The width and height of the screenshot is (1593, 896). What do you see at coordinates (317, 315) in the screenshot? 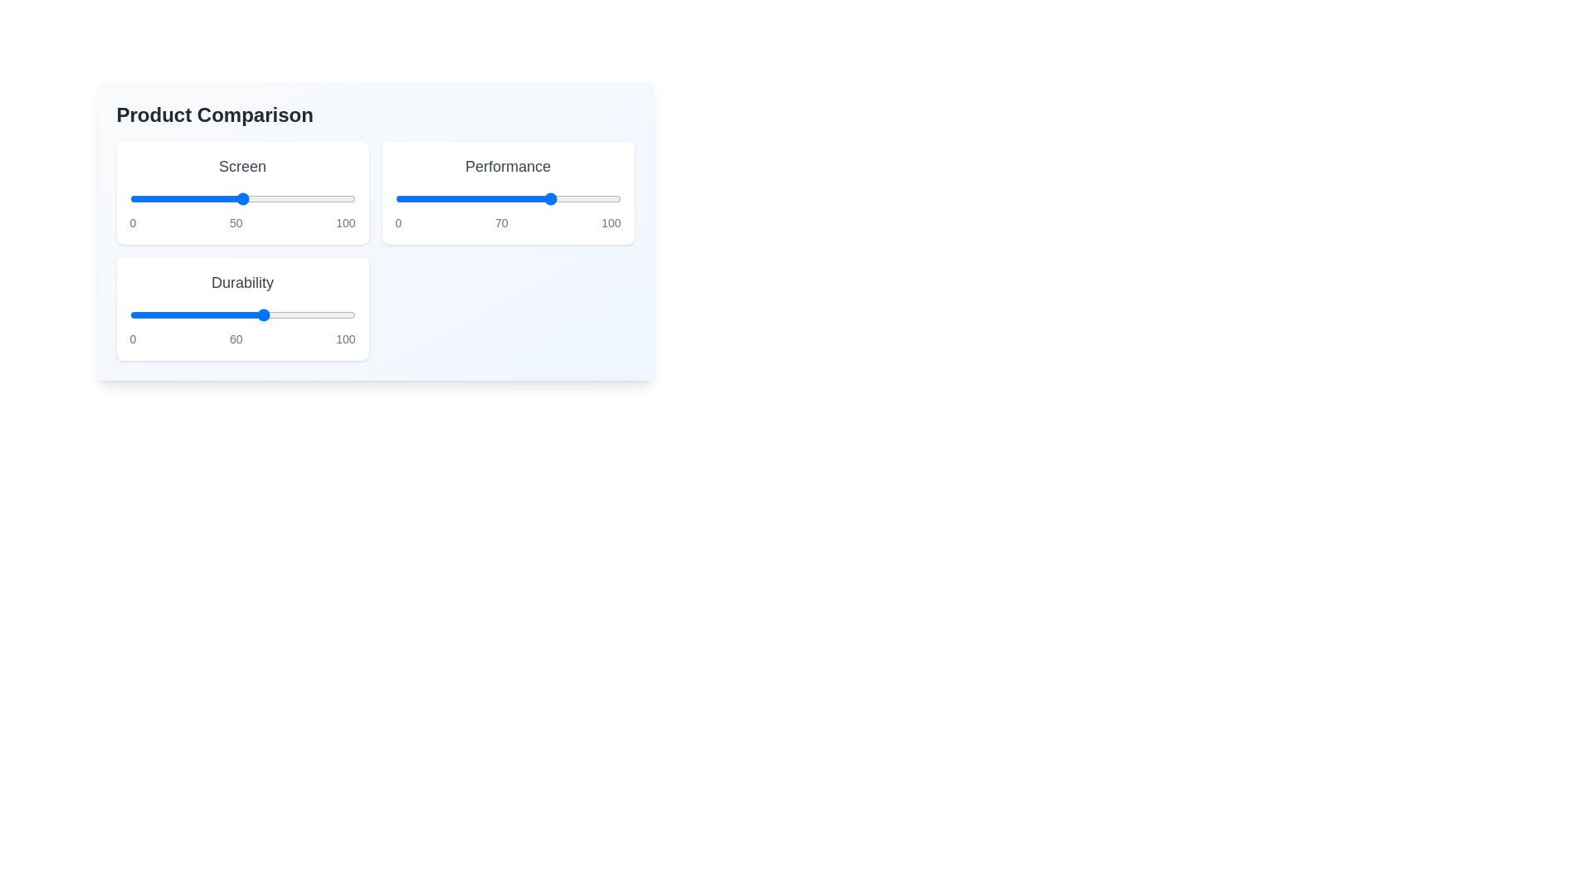
I see `the 'Durability' slider to 83` at bounding box center [317, 315].